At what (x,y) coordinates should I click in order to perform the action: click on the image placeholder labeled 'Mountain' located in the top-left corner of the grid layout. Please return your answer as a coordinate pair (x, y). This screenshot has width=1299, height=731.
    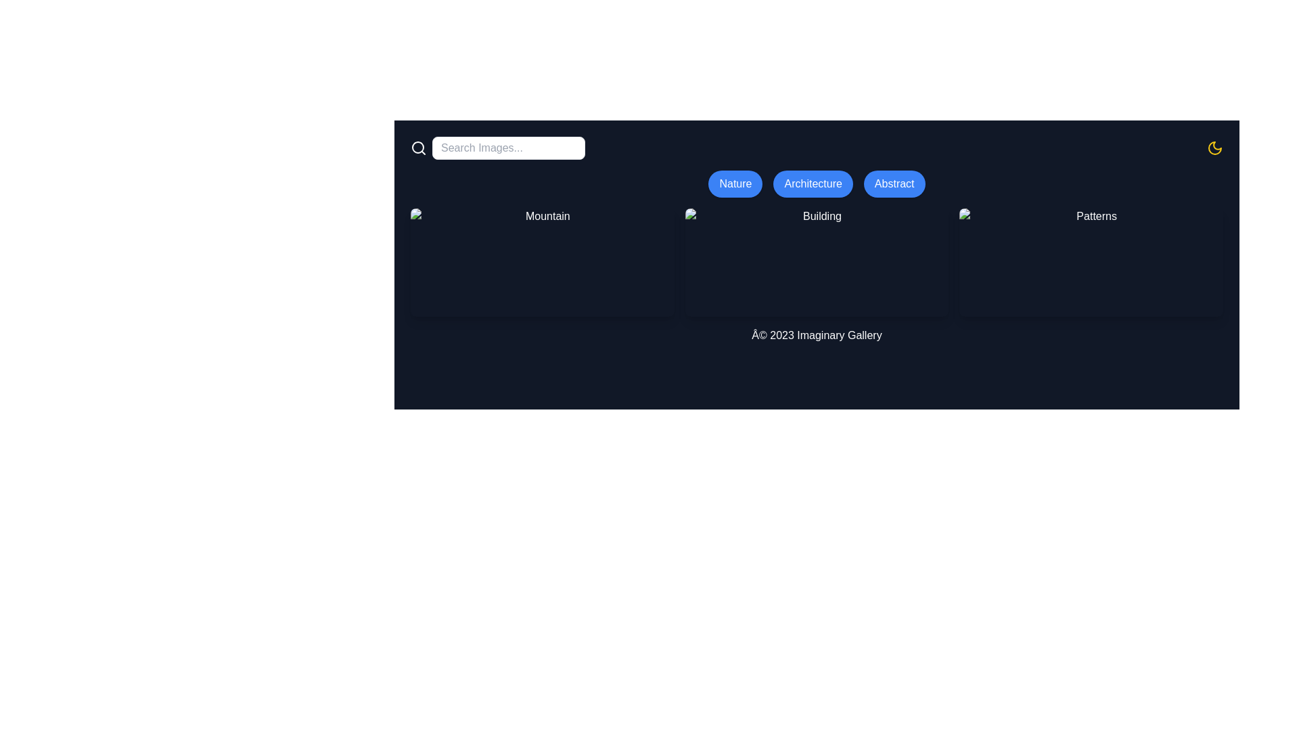
    Looking at the image, I should click on (542, 263).